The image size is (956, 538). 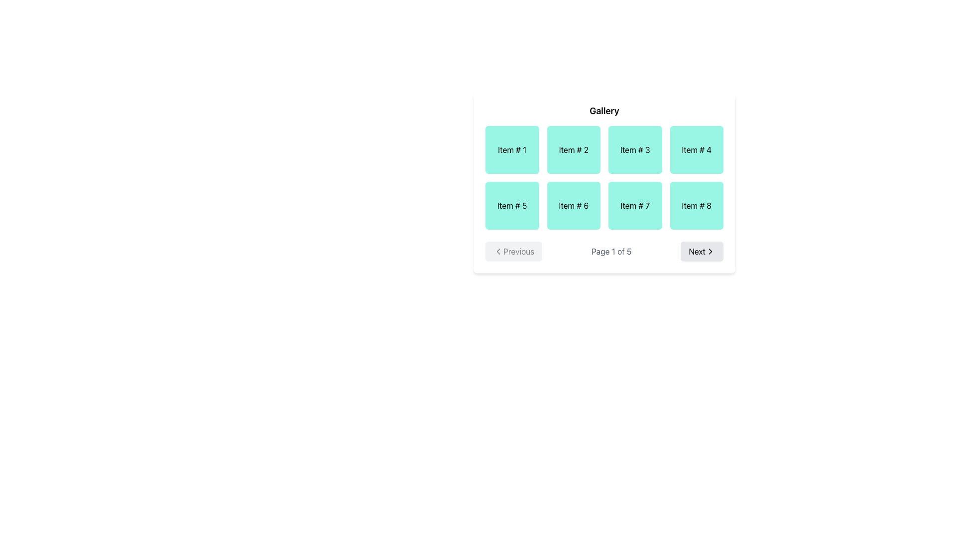 I want to click on the Text label in the first row, third column of the grid layout, which is positioned between 'Item # 2' and 'Item # 4', so click(x=634, y=149).